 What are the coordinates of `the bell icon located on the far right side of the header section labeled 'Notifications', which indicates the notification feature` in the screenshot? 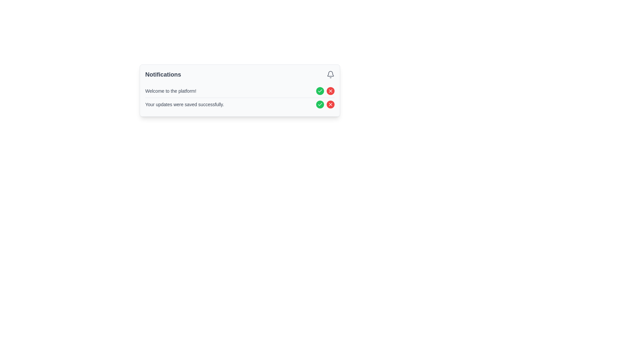 It's located at (331, 74).